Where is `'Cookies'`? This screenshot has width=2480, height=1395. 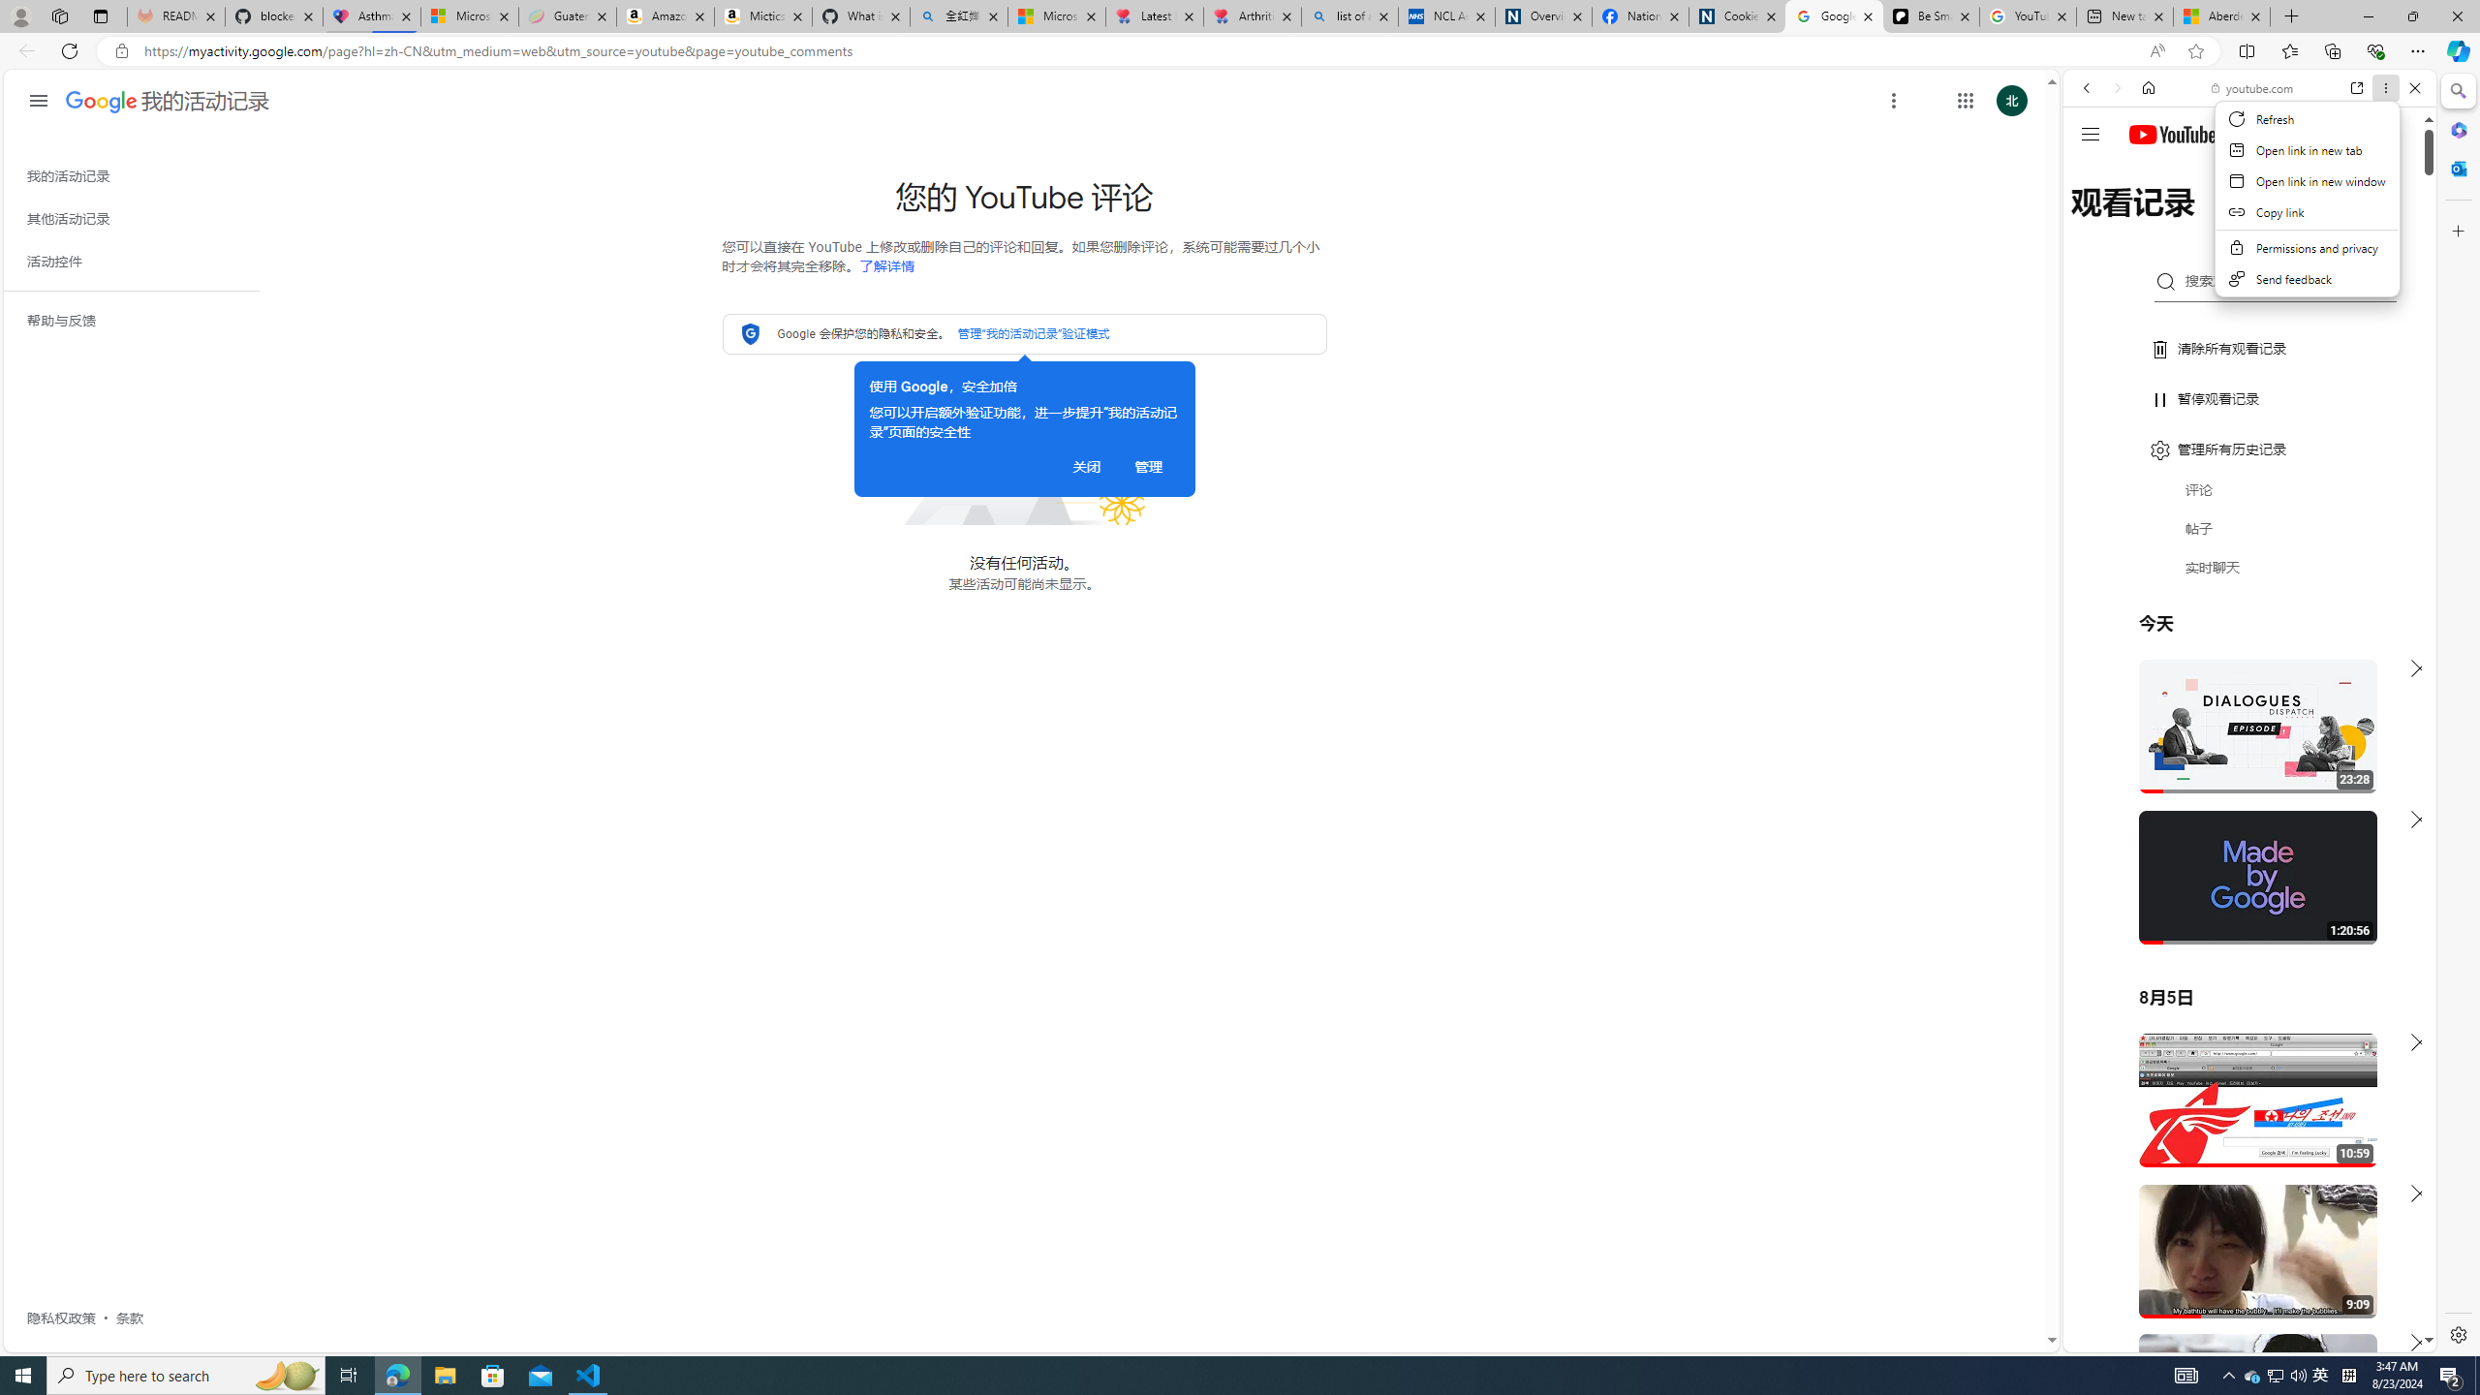 'Cookies' is located at coordinates (1737, 15).